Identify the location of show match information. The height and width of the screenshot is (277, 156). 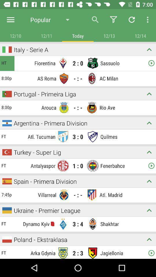
(149, 123).